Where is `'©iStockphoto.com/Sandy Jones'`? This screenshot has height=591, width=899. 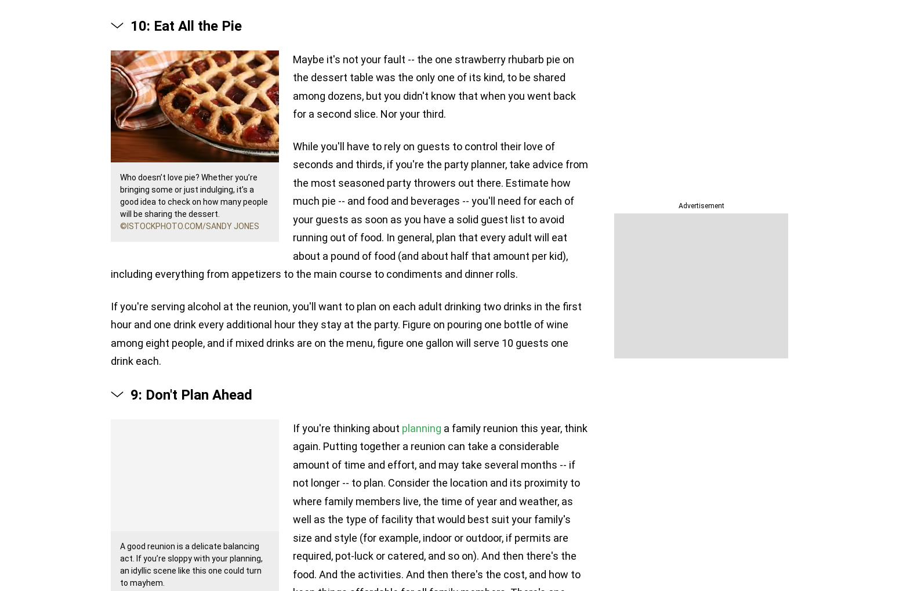
'©iStockphoto.com/Sandy Jones' is located at coordinates (189, 224).